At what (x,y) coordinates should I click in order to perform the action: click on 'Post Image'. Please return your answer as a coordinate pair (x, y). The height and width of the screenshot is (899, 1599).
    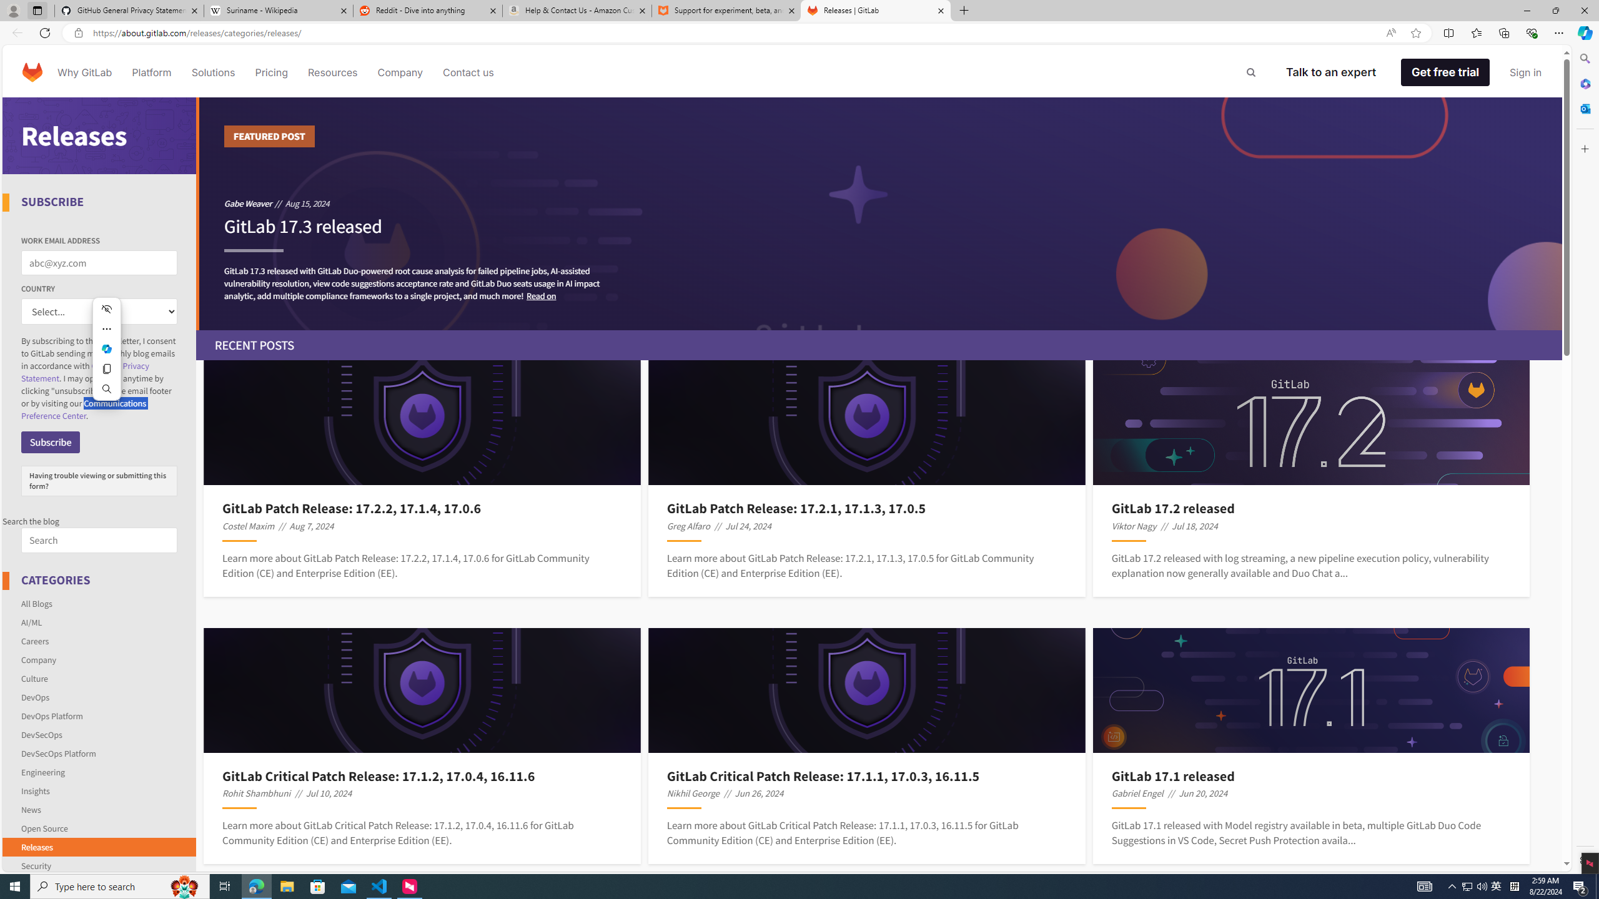
    Looking at the image, I should click on (1311, 689).